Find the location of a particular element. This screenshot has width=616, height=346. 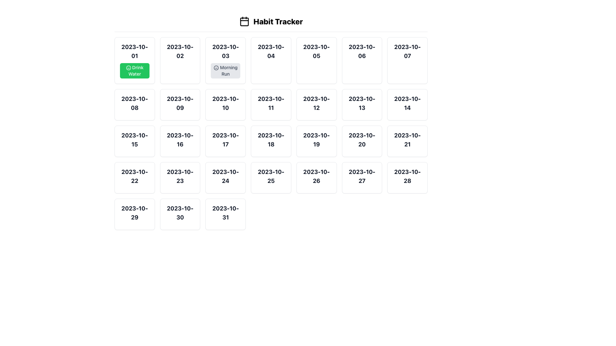

the Clickable date card representing '2023-10-23' is located at coordinates (180, 178).